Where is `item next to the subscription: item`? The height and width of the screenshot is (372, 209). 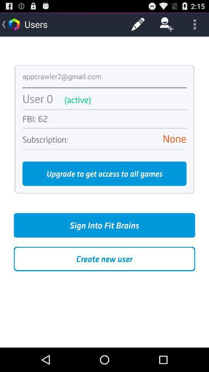 item next to the subscription: item is located at coordinates (130, 139).